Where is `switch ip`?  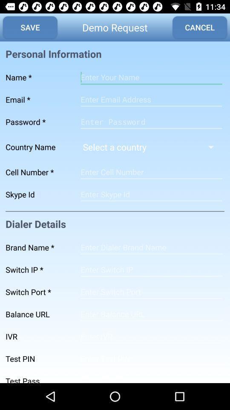 switch ip is located at coordinates (151, 269).